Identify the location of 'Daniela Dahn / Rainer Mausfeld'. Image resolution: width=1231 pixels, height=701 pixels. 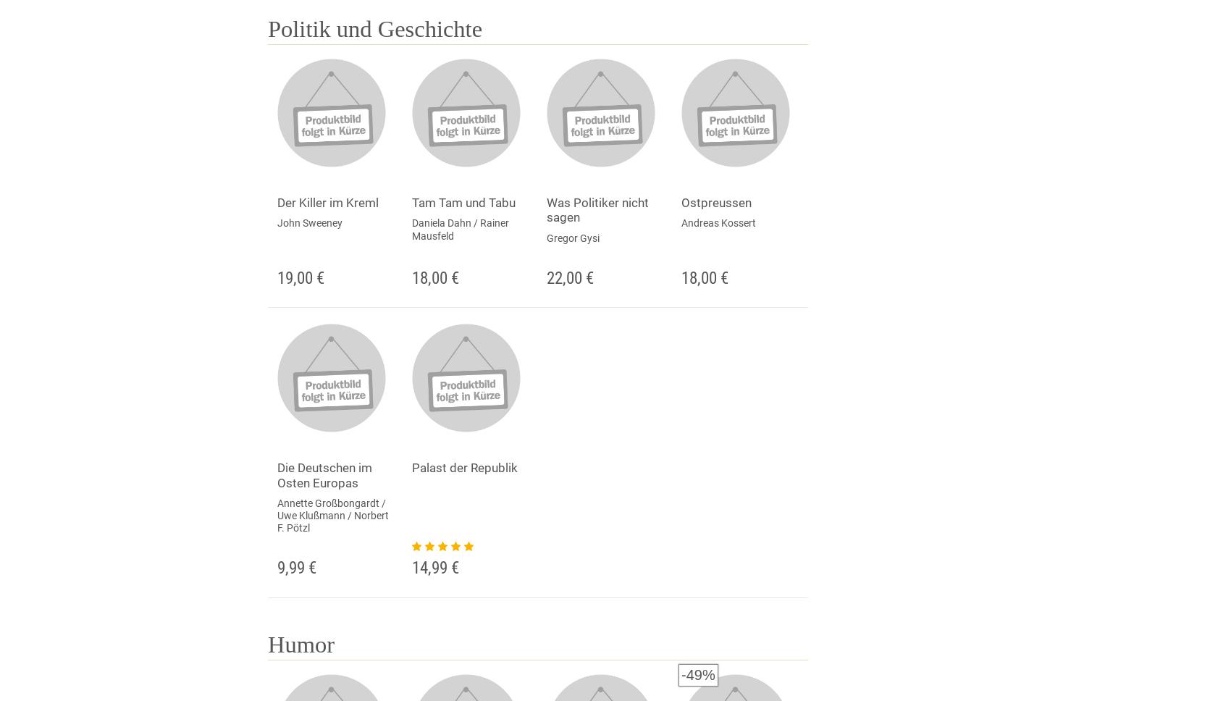
(459, 228).